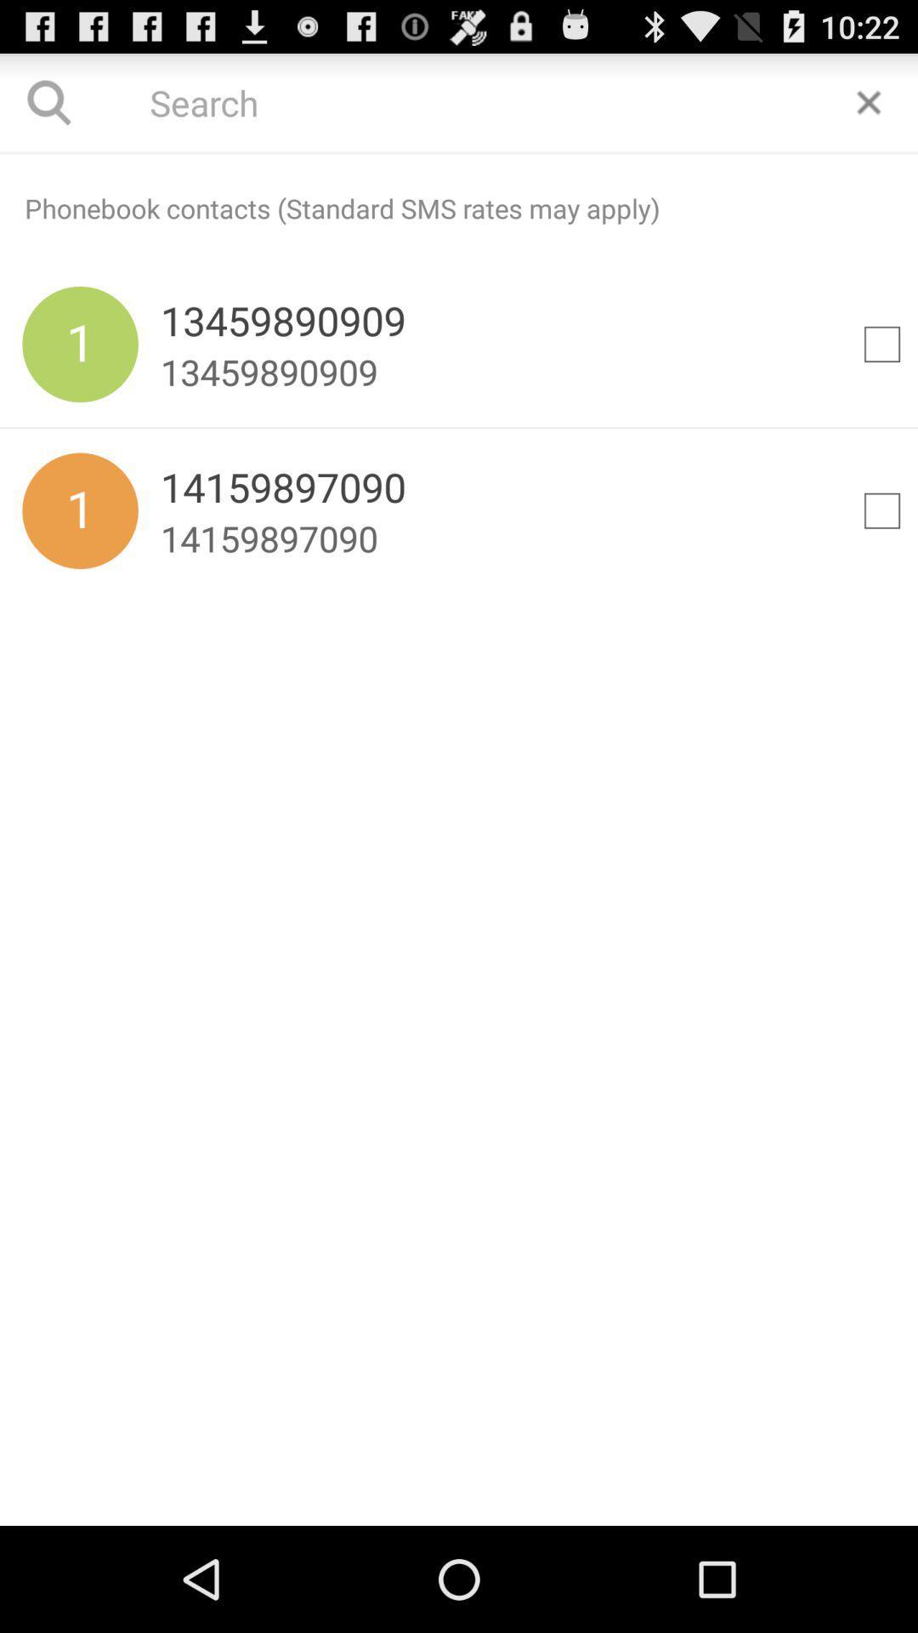 Image resolution: width=918 pixels, height=1633 pixels. I want to click on selection, so click(881, 343).